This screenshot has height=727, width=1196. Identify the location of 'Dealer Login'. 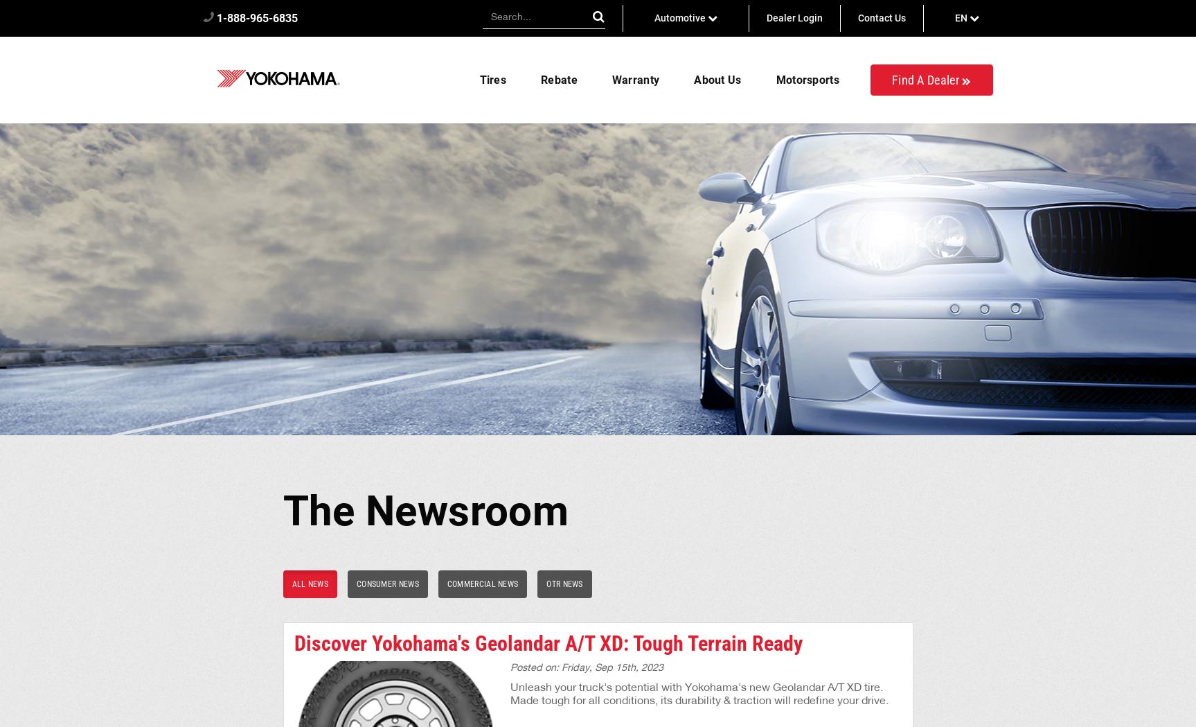
(793, 17).